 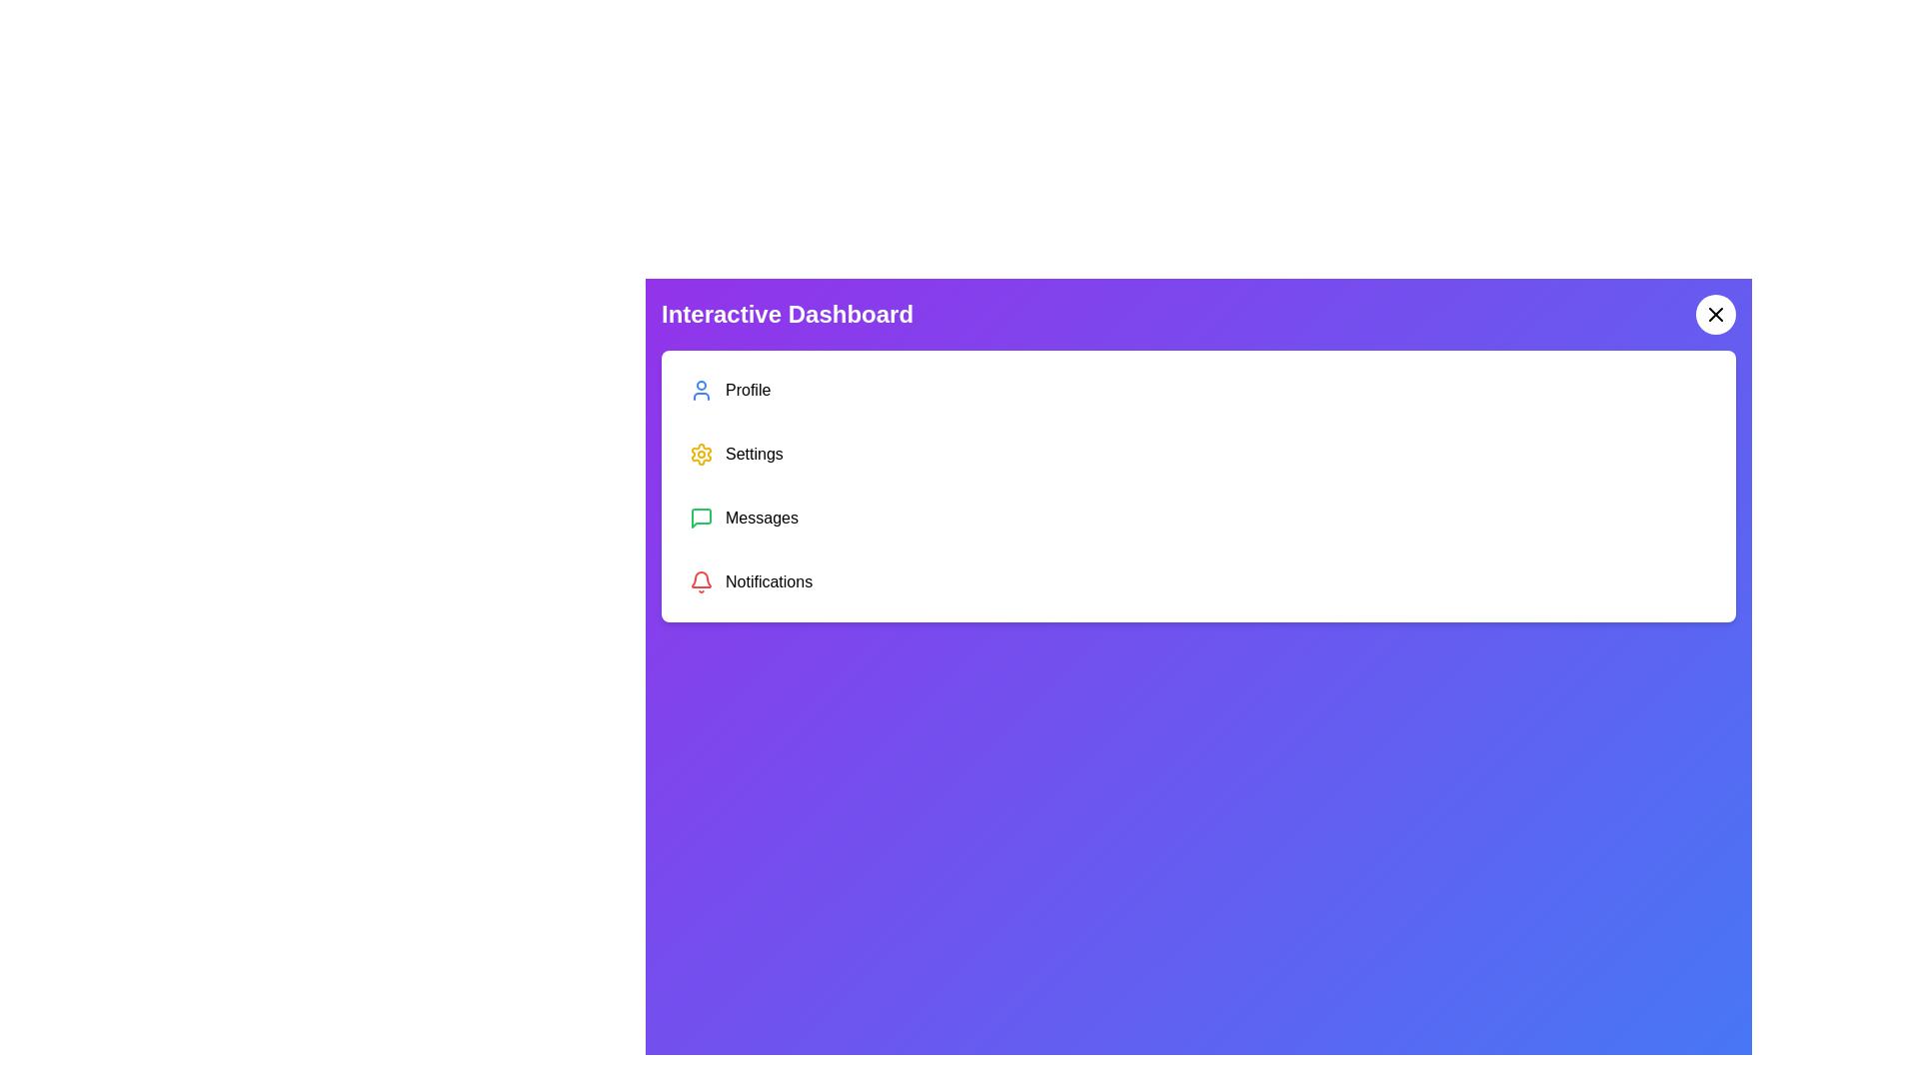 I want to click on the text label that identifies the user profile section, located next to the blue user icon in the top-left section of the list area, so click(x=747, y=390).